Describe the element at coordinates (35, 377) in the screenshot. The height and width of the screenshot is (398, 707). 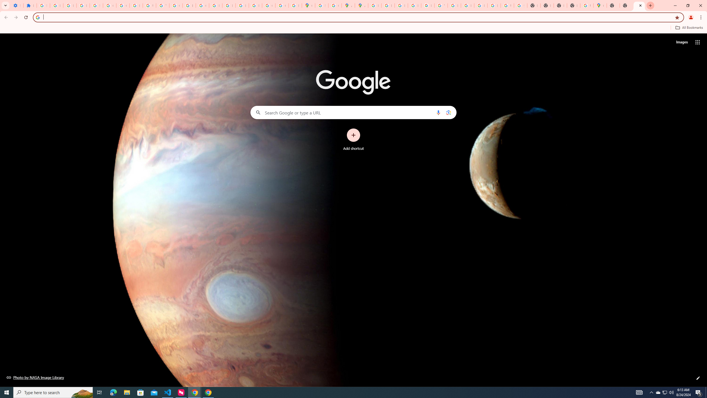
I see `'Photo by NASA Image Library'` at that location.